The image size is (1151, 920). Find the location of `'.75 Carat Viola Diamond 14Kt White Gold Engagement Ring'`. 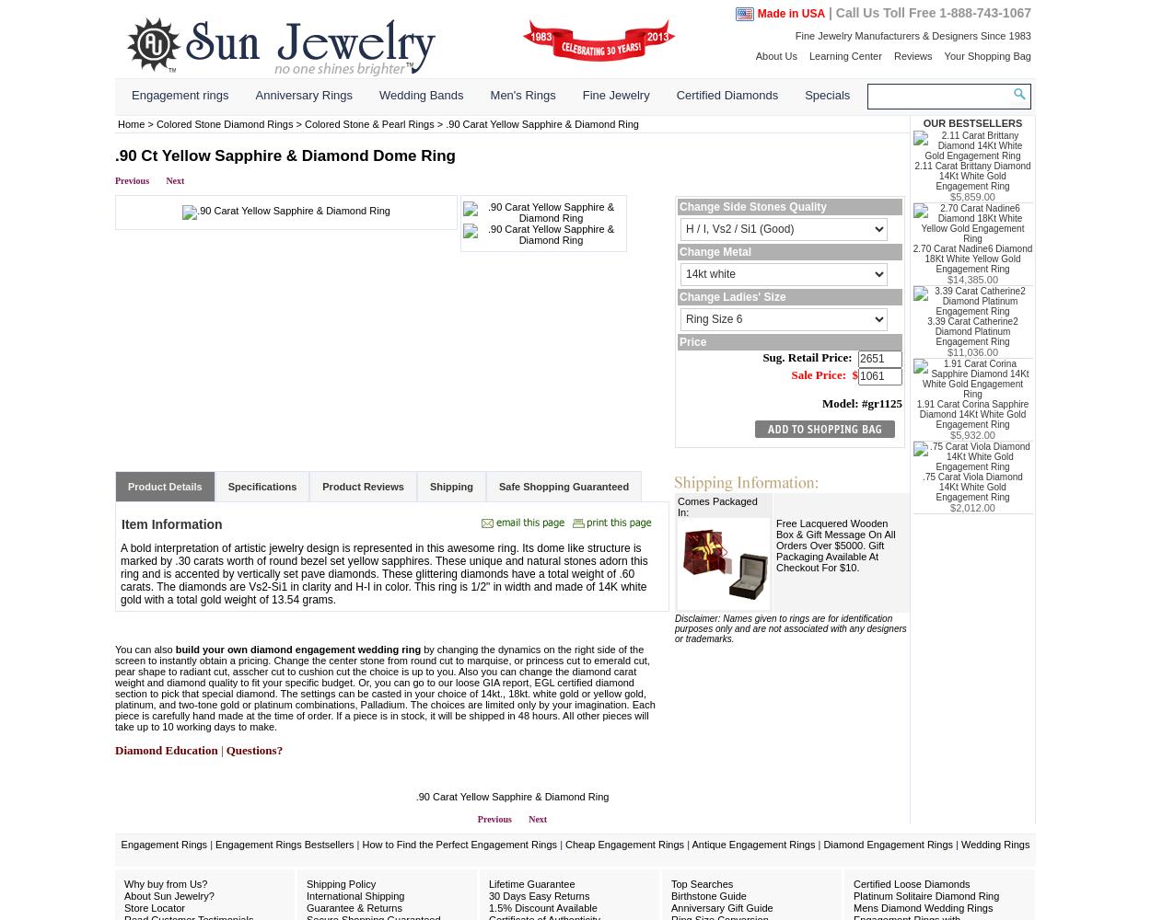

'.75 Carat Viola Diamond 14Kt White Gold Engagement Ring' is located at coordinates (972, 486).